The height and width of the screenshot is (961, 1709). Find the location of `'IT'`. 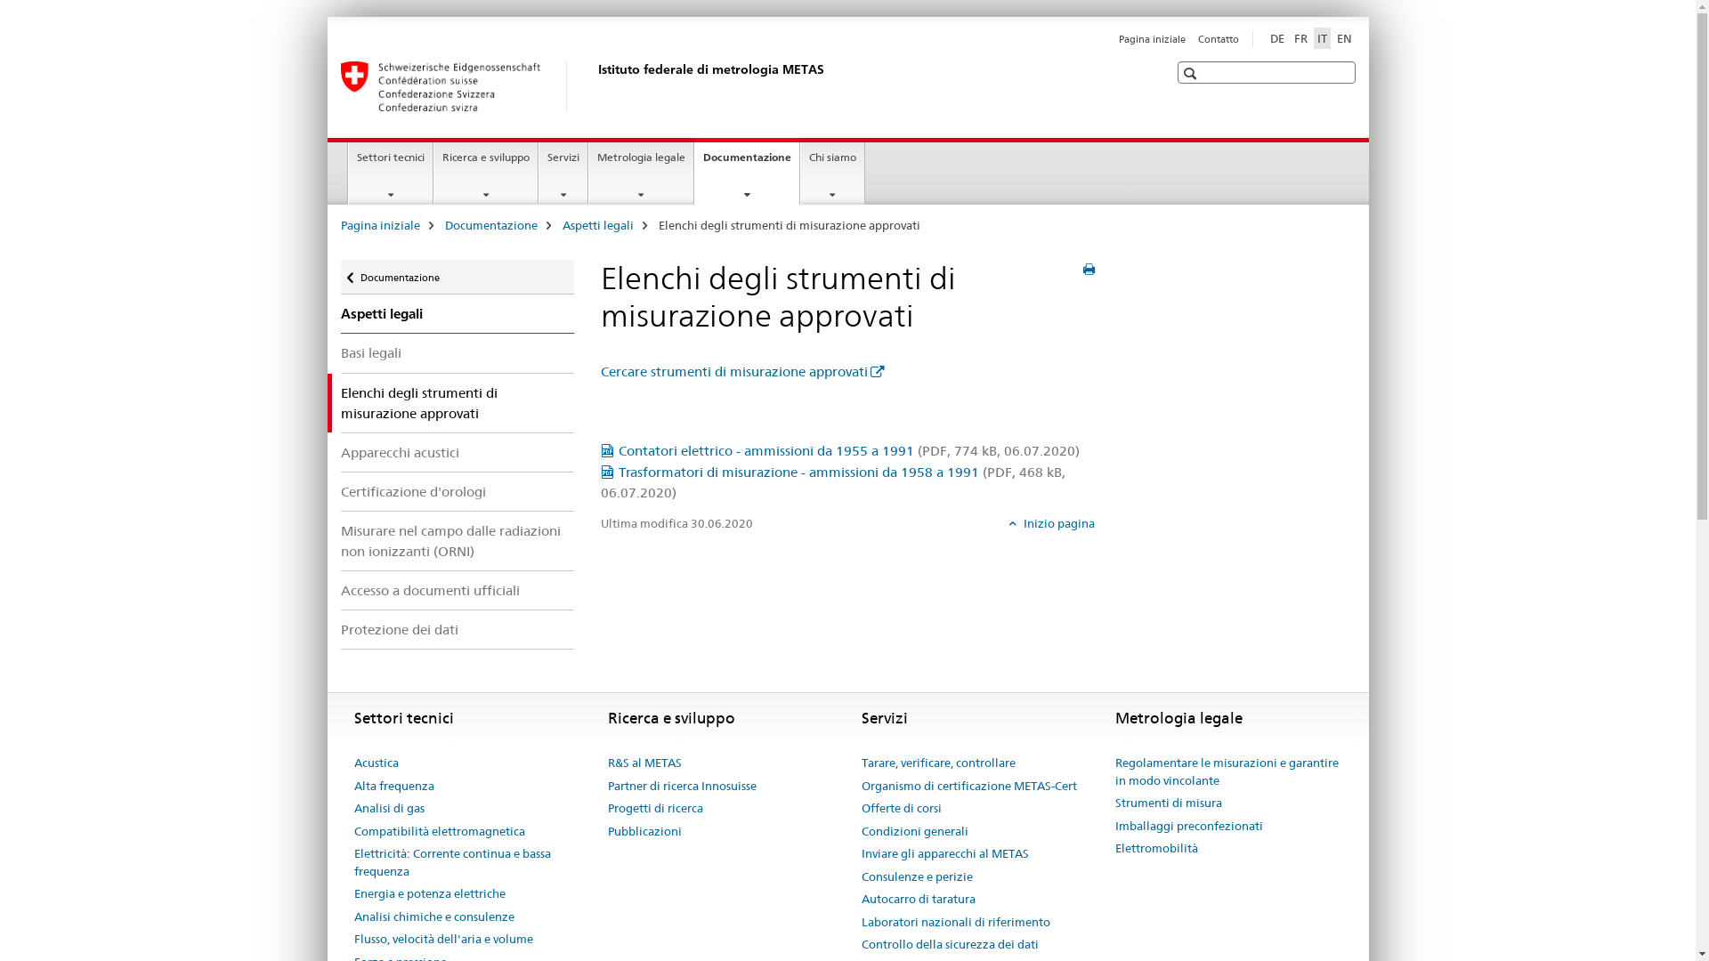

'IT' is located at coordinates (1322, 37).